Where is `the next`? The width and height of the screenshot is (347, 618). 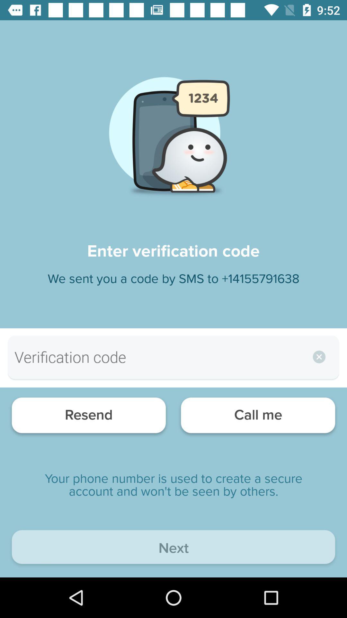 the next is located at coordinates (173, 548).